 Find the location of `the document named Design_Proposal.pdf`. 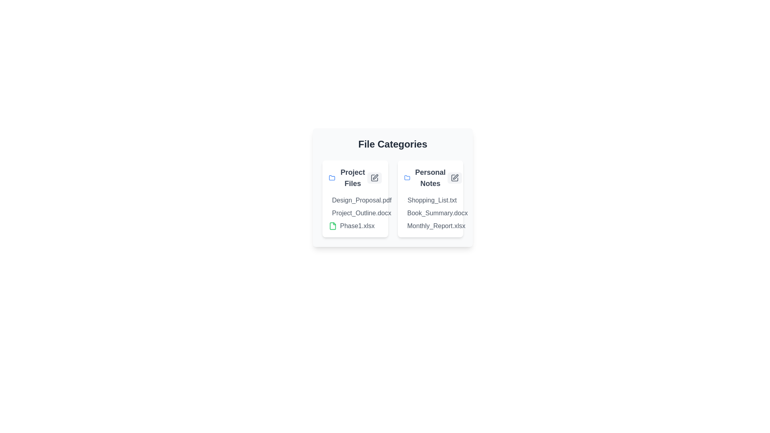

the document named Design_Proposal.pdf is located at coordinates (340, 200).